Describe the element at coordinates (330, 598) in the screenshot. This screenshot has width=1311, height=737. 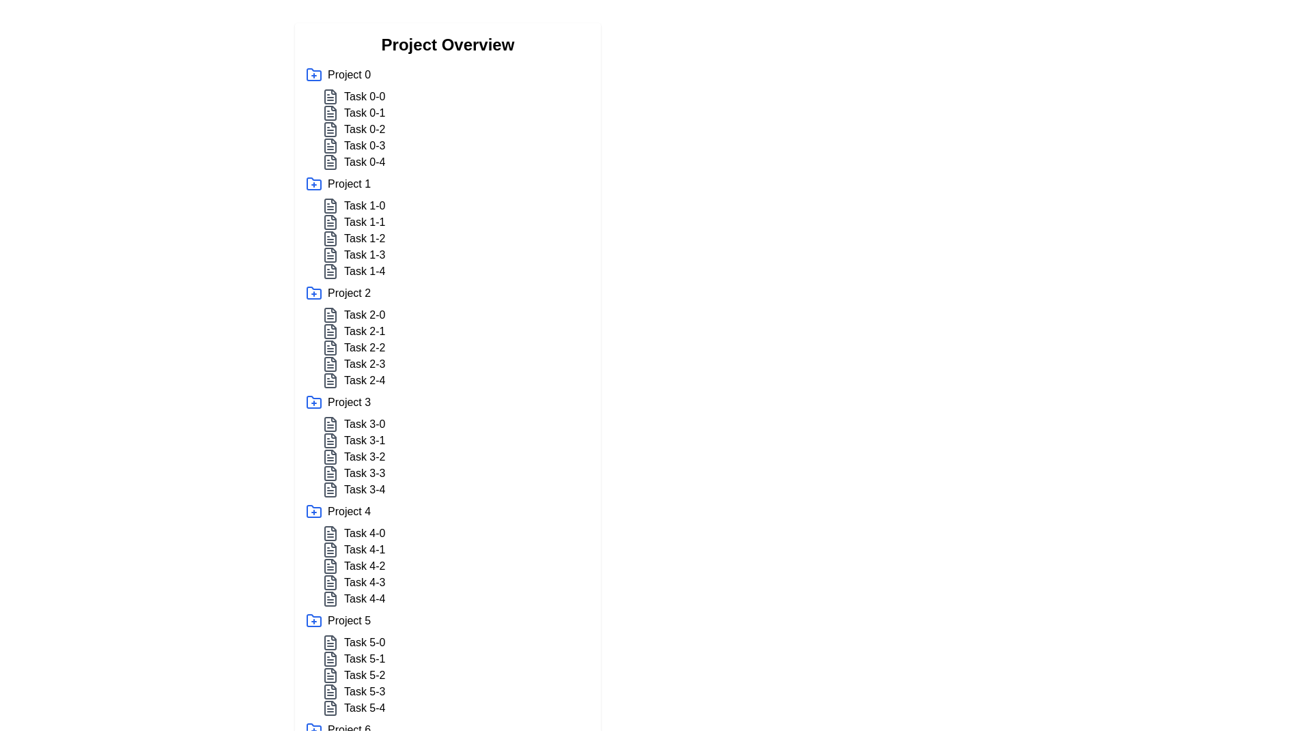
I see `the gray file document icon located to the left of the 'Task 4-4' label in the hierarchical list under 'Project 4'` at that location.